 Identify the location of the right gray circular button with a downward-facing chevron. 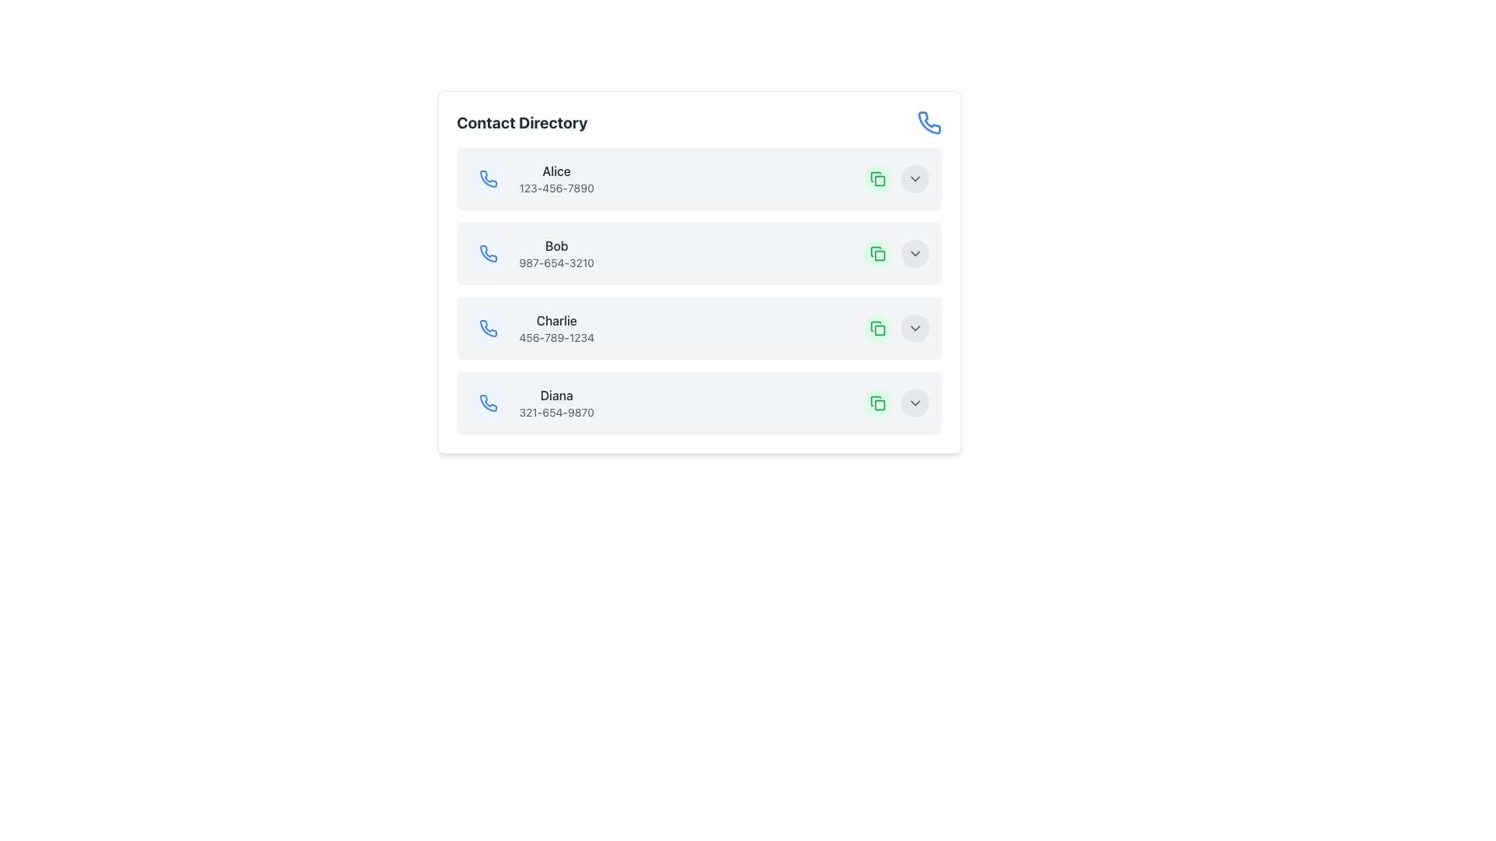
(896, 178).